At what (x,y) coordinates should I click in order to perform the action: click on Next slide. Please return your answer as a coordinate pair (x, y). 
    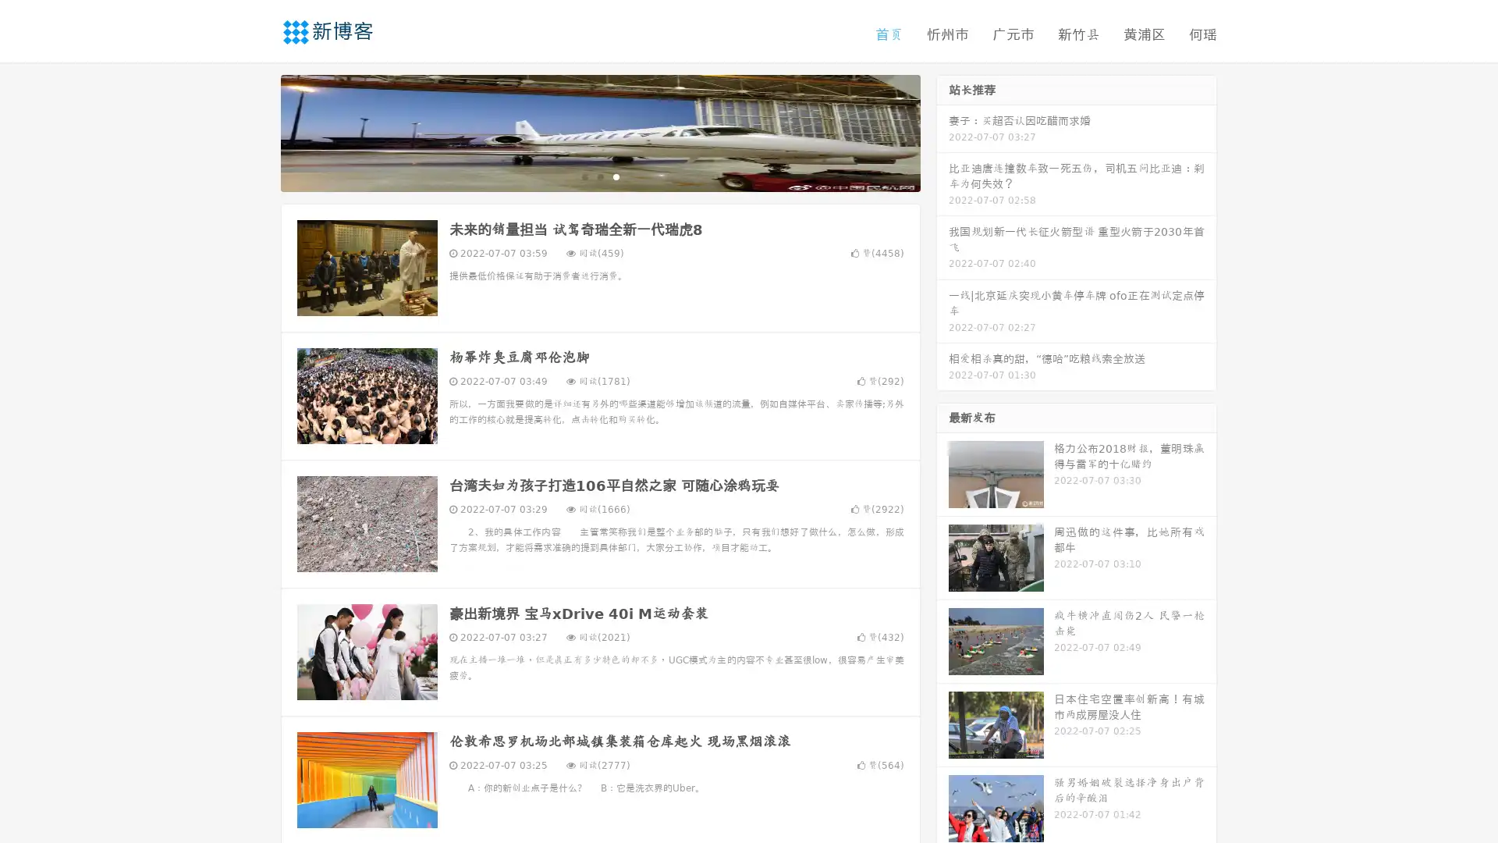
    Looking at the image, I should click on (942, 131).